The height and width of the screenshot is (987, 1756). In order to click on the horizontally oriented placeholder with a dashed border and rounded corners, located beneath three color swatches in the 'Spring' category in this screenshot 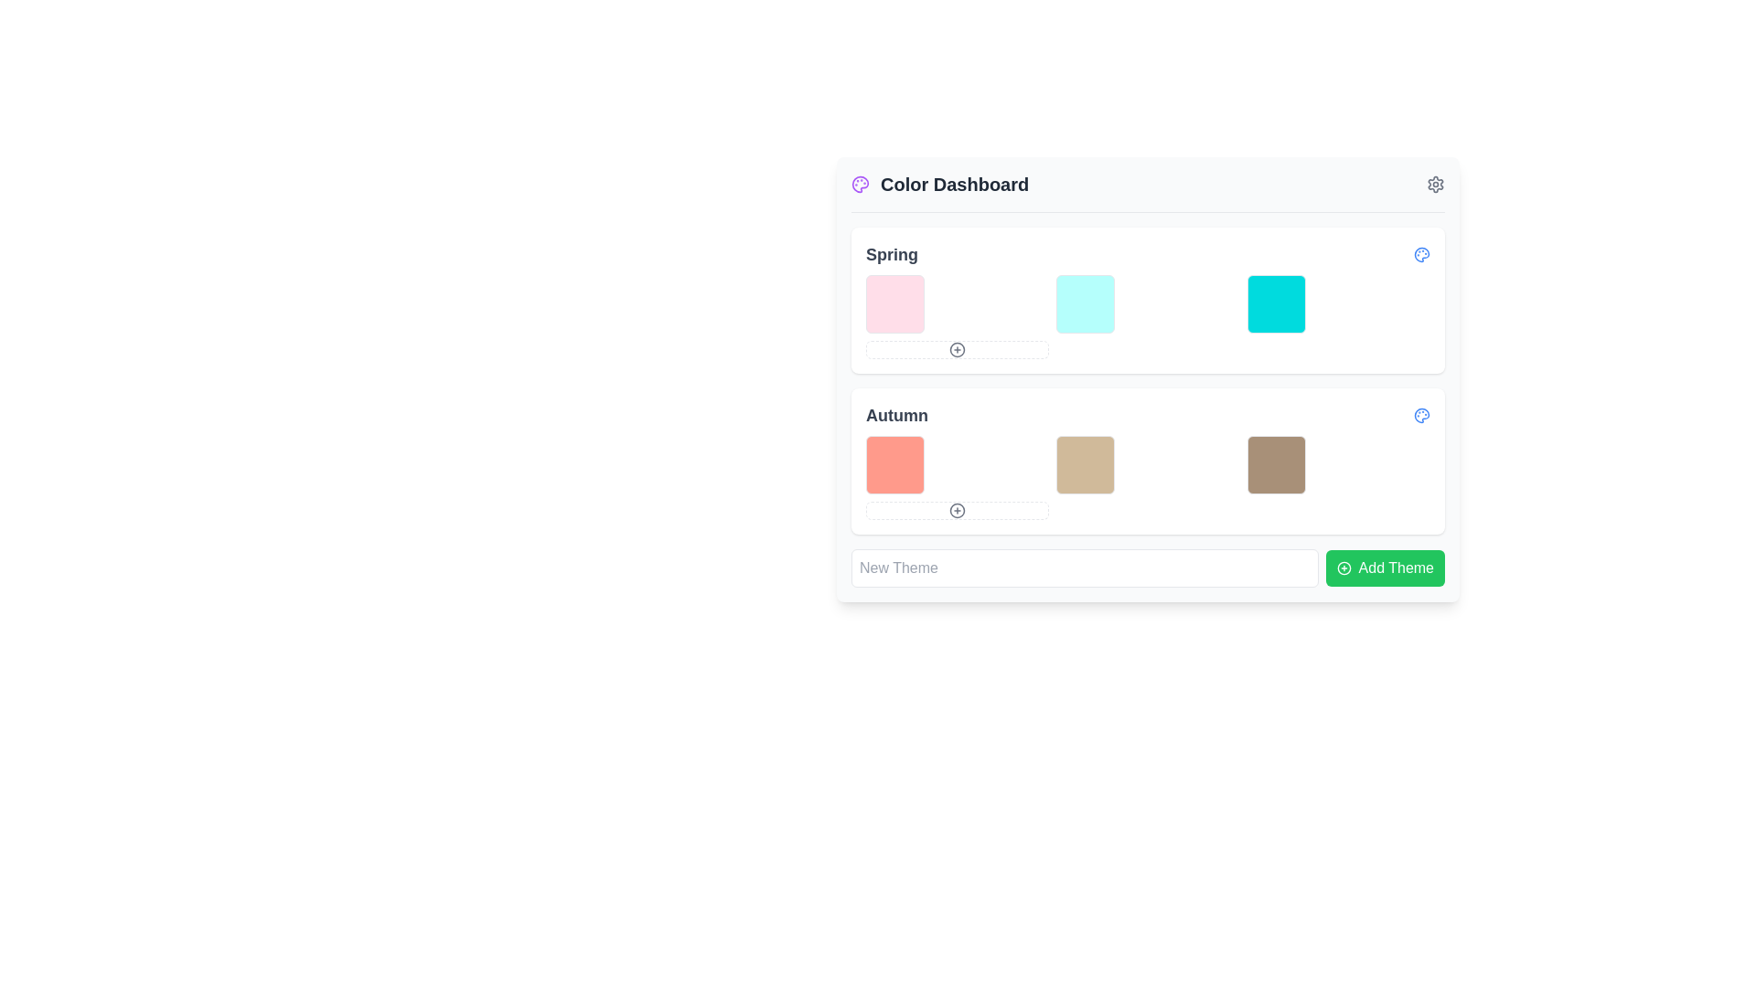, I will do `click(957, 349)`.